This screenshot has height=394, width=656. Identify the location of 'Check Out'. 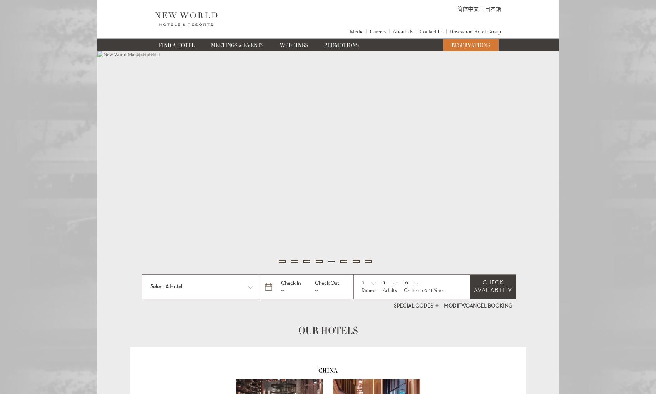
(326, 283).